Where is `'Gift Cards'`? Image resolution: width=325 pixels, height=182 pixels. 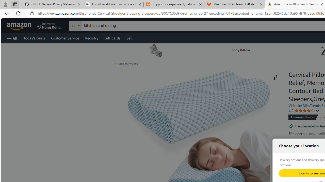
'Gift Cards' is located at coordinates (112, 38).